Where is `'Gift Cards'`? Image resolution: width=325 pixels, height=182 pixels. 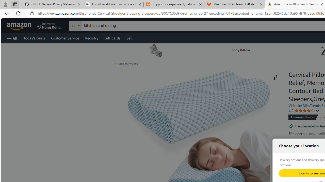
'Gift Cards' is located at coordinates (112, 38).